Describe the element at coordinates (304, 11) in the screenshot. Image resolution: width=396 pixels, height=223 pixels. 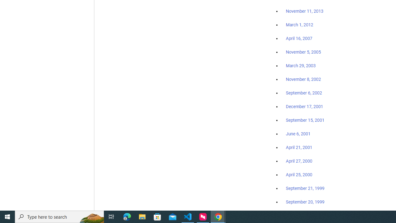
I see `'November 11, 2013'` at that location.